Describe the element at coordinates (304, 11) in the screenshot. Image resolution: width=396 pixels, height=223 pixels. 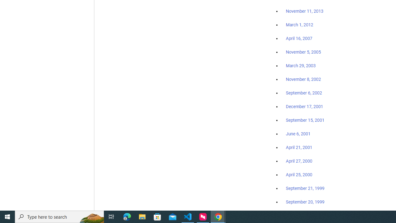
I see `'November 11, 2013'` at that location.